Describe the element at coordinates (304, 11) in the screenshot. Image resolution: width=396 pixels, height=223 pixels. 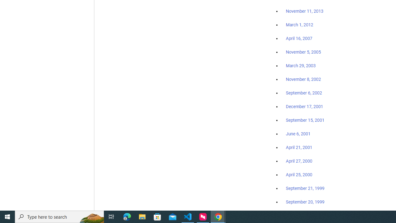
I see `'November 11, 2013'` at that location.